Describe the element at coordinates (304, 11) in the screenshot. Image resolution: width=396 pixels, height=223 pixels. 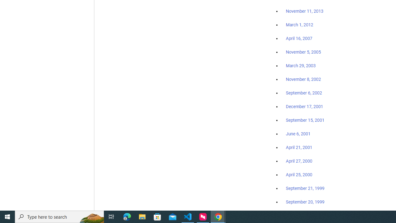
I see `'November 11, 2013'` at that location.